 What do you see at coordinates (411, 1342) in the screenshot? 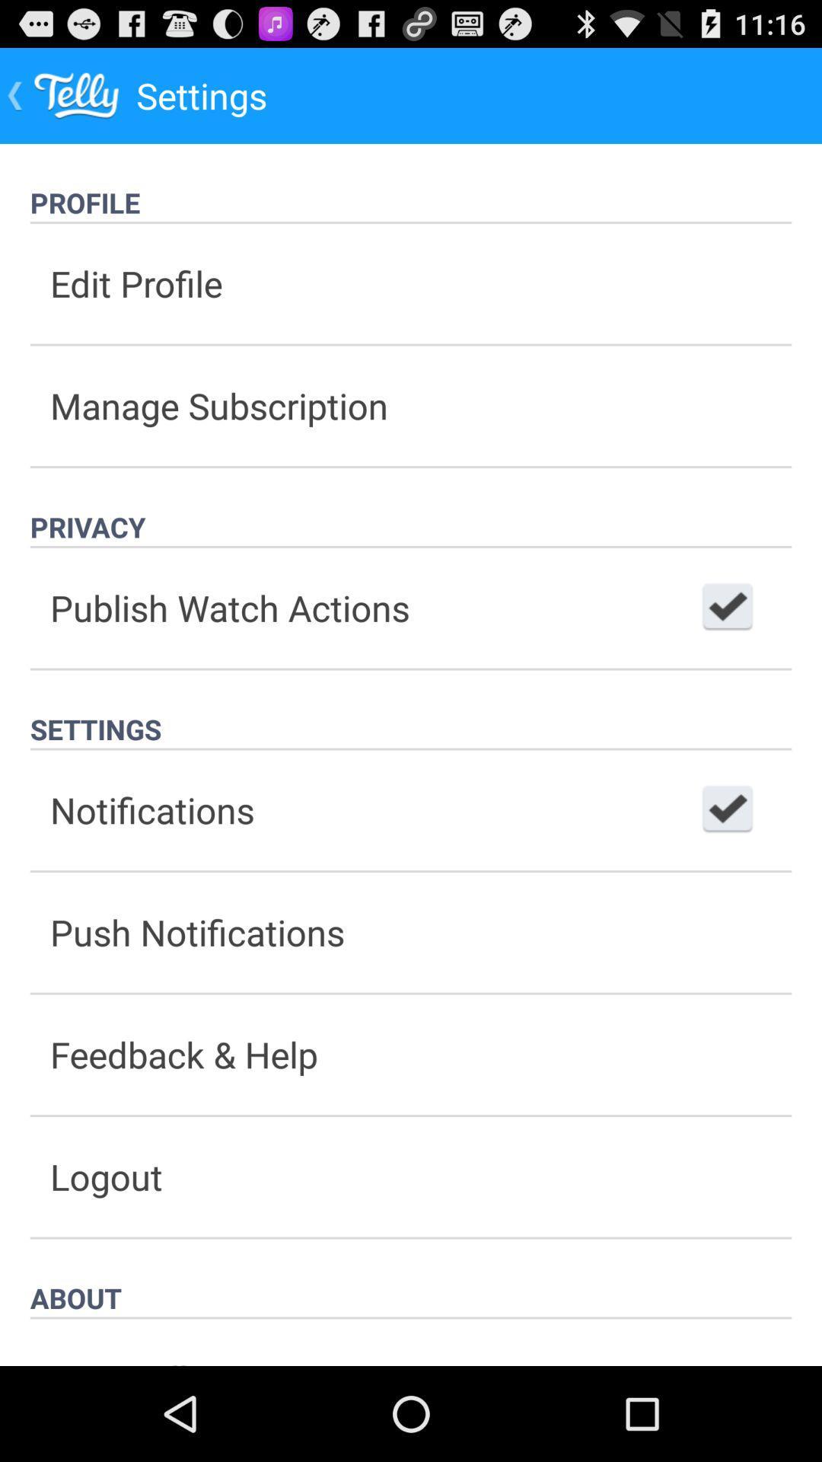
I see `app below about icon` at bounding box center [411, 1342].